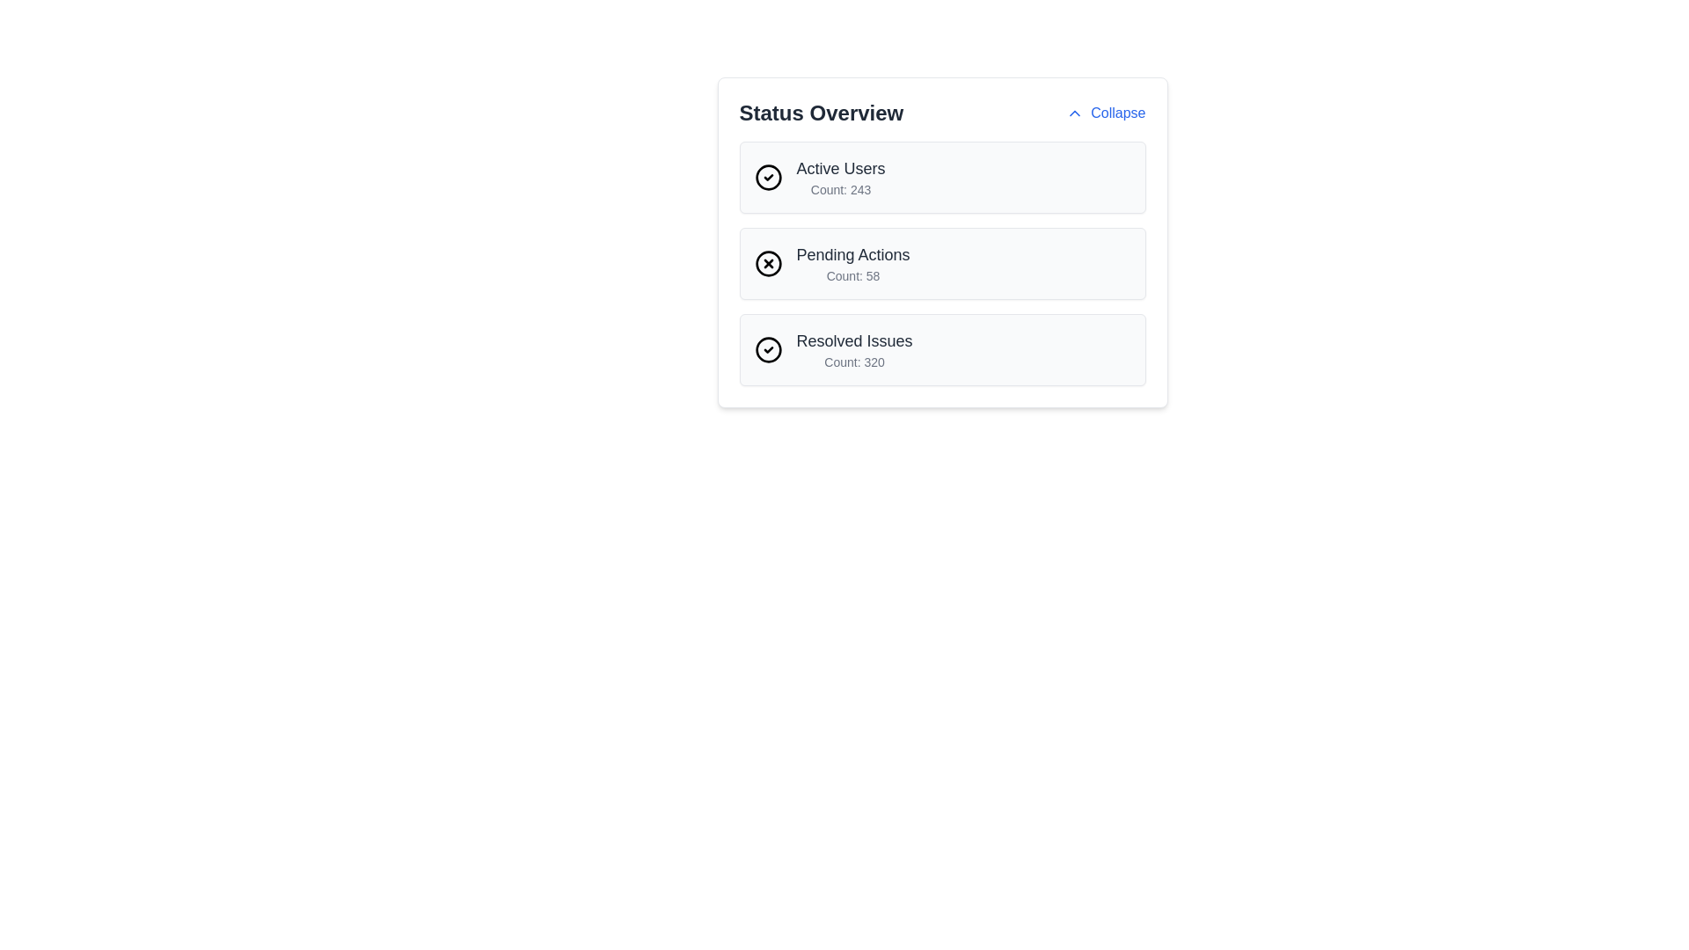  Describe the element at coordinates (839, 190) in the screenshot. I see `the Static text element that indicates the count of active users located beneath the 'Active Users' label in the 'Status Overview' panel` at that location.